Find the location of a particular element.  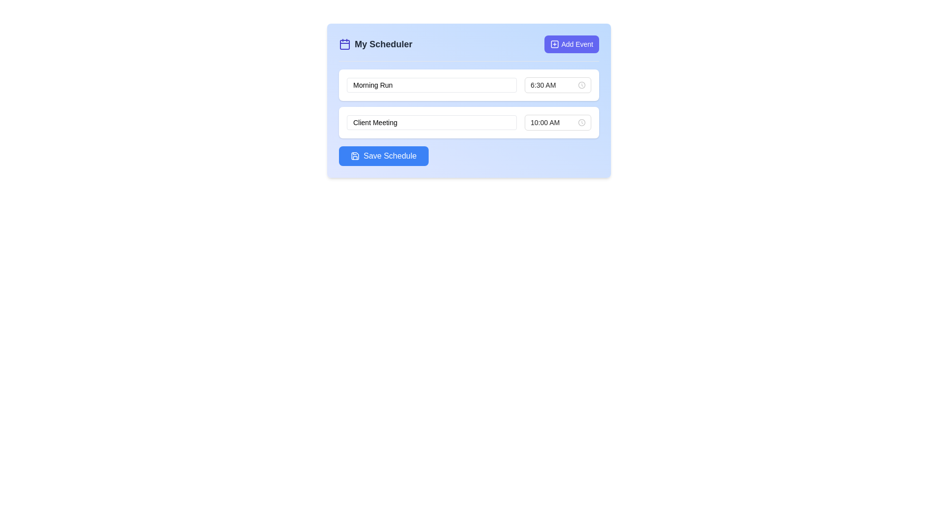

the 'Add Event' button located is located at coordinates (572, 43).